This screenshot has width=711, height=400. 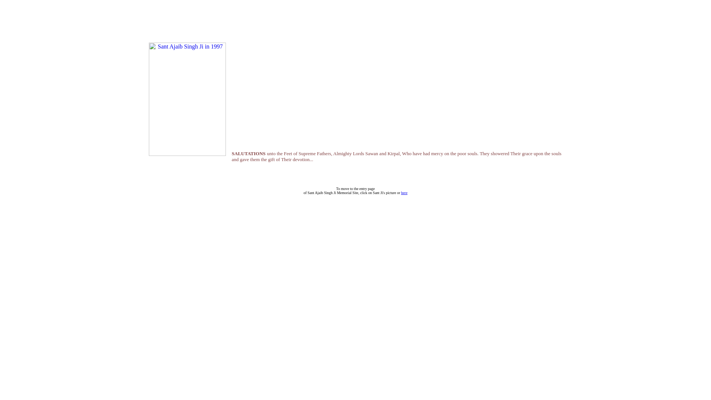 I want to click on 'here', so click(x=401, y=192).